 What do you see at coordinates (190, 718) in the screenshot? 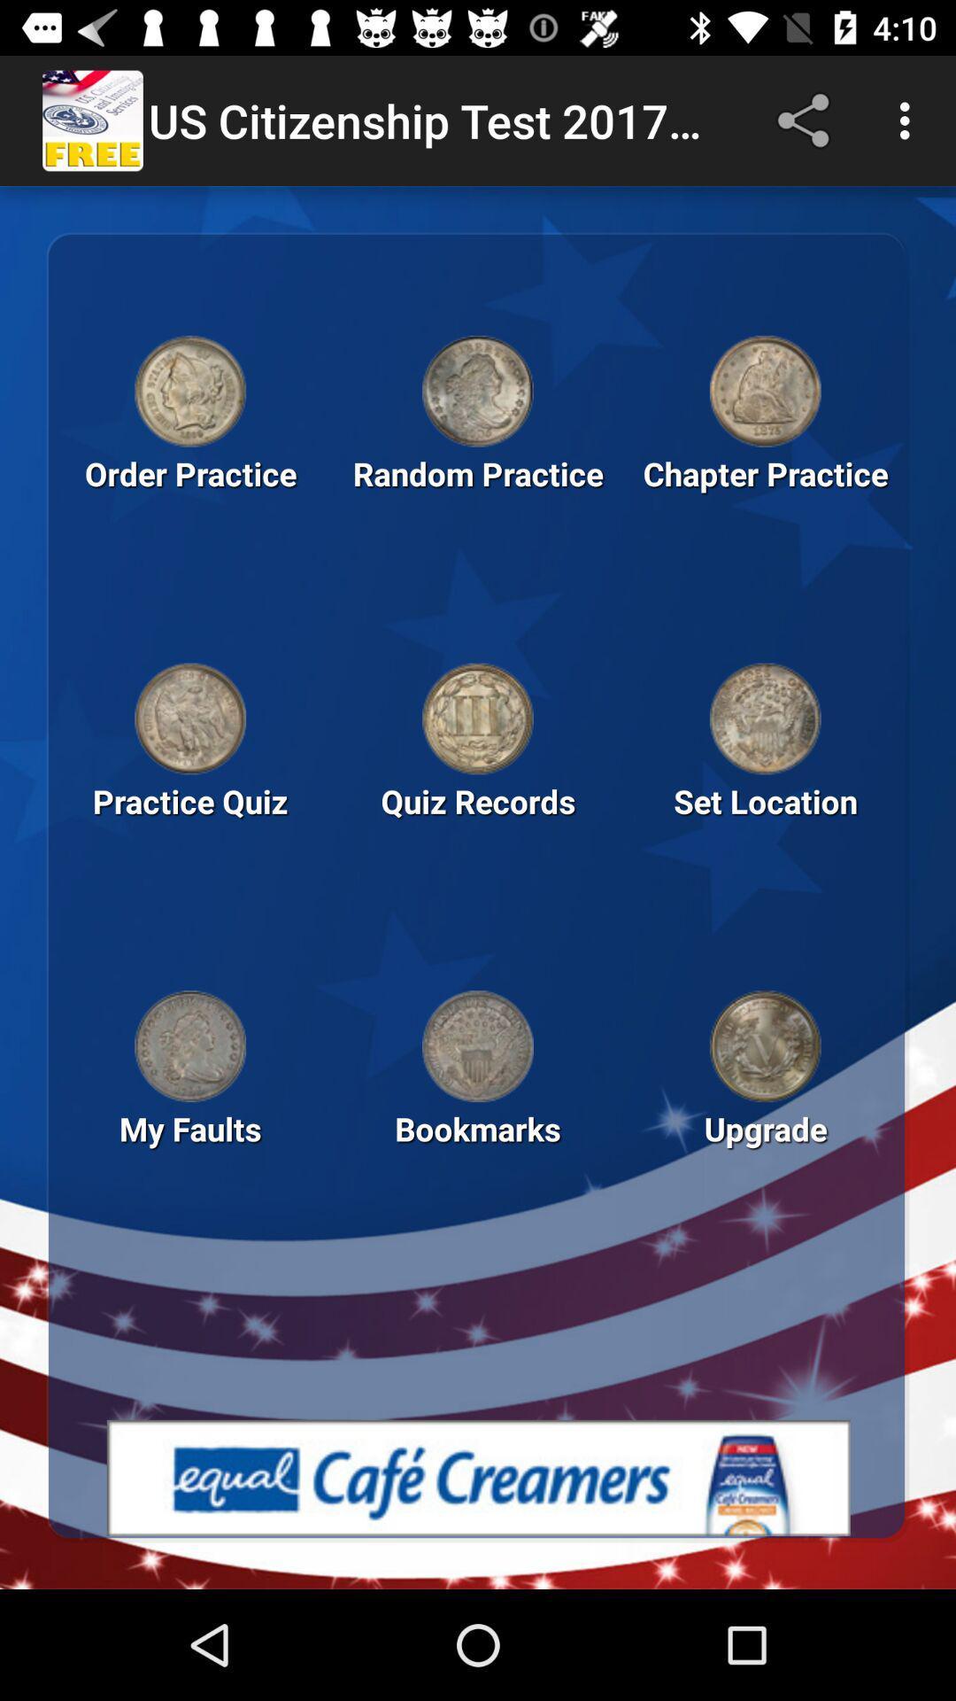
I see `practice quiz for us citizenship test 2017` at bounding box center [190, 718].